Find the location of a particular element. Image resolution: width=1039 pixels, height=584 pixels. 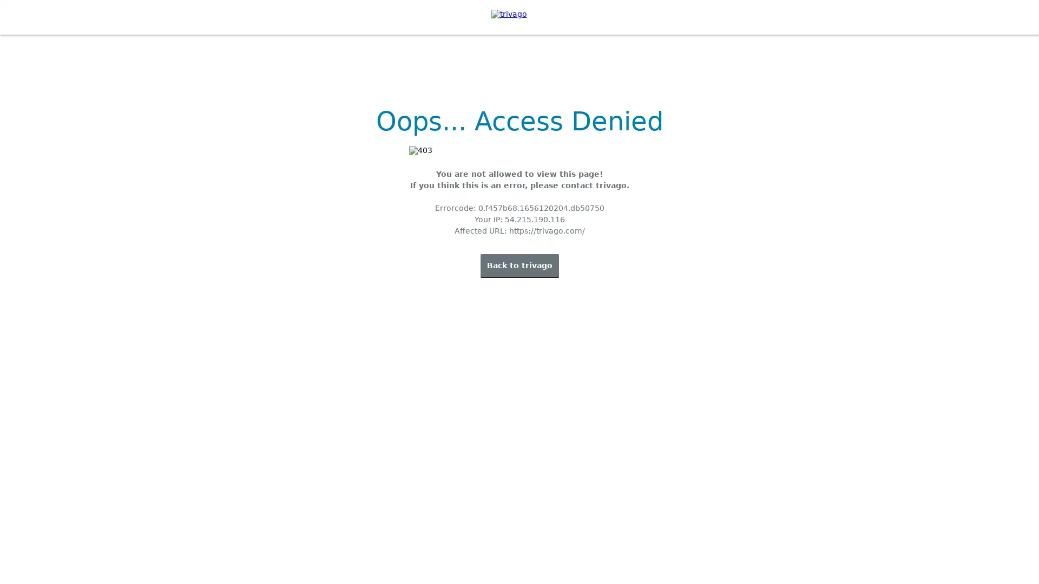

Back to trivago is located at coordinates (518, 265).